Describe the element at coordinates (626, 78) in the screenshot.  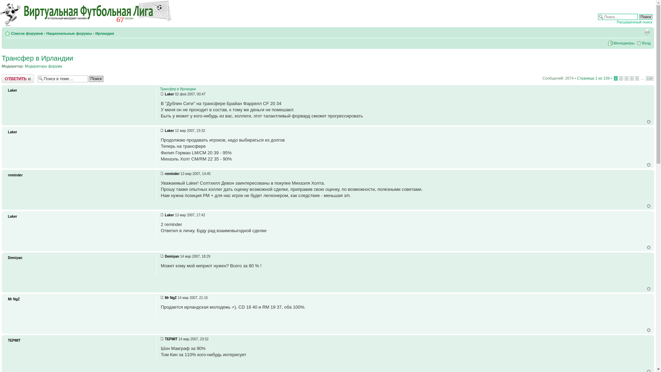
I see `'3'` at that location.